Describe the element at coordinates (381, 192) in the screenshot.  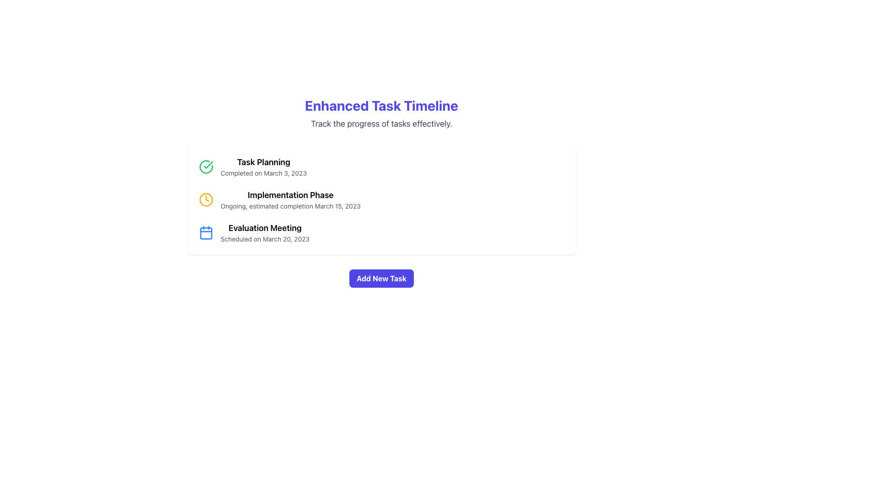
I see `individual task items in the Enhanced Task Timeline component located below the 'Add New Task' button` at that location.